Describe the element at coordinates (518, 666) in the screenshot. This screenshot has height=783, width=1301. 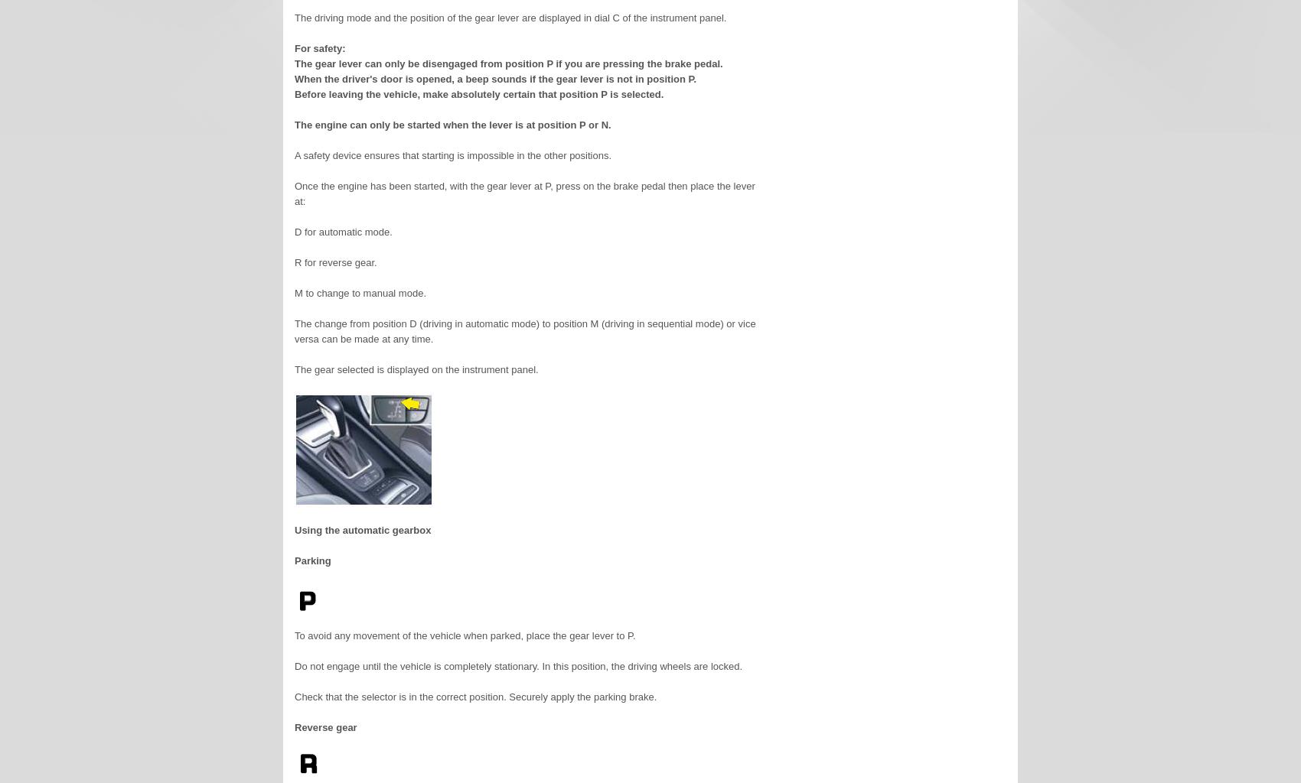
I see `'Do not engage until the vehicle is completely stationary. In this position, the 
driving wheels are locked.'` at that location.